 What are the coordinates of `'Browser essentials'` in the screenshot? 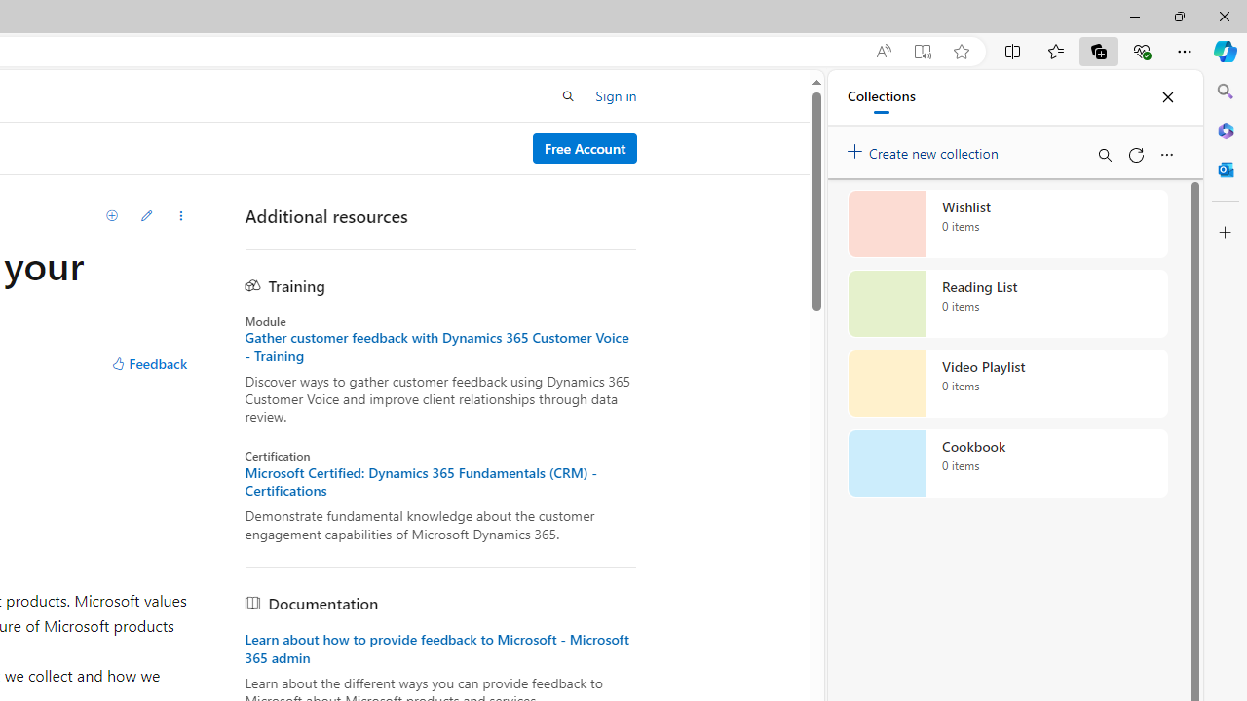 It's located at (1141, 50).